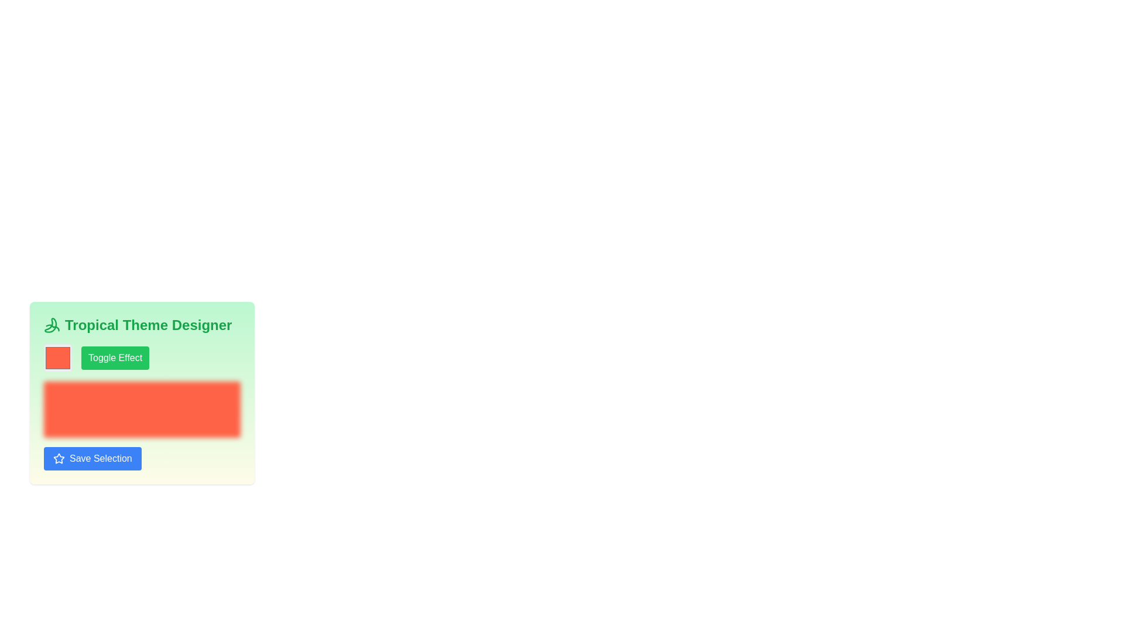  I want to click on the tropical theme icon, which is positioned to the far left of the title text 'Tropical Theme Designer', so click(52, 325).